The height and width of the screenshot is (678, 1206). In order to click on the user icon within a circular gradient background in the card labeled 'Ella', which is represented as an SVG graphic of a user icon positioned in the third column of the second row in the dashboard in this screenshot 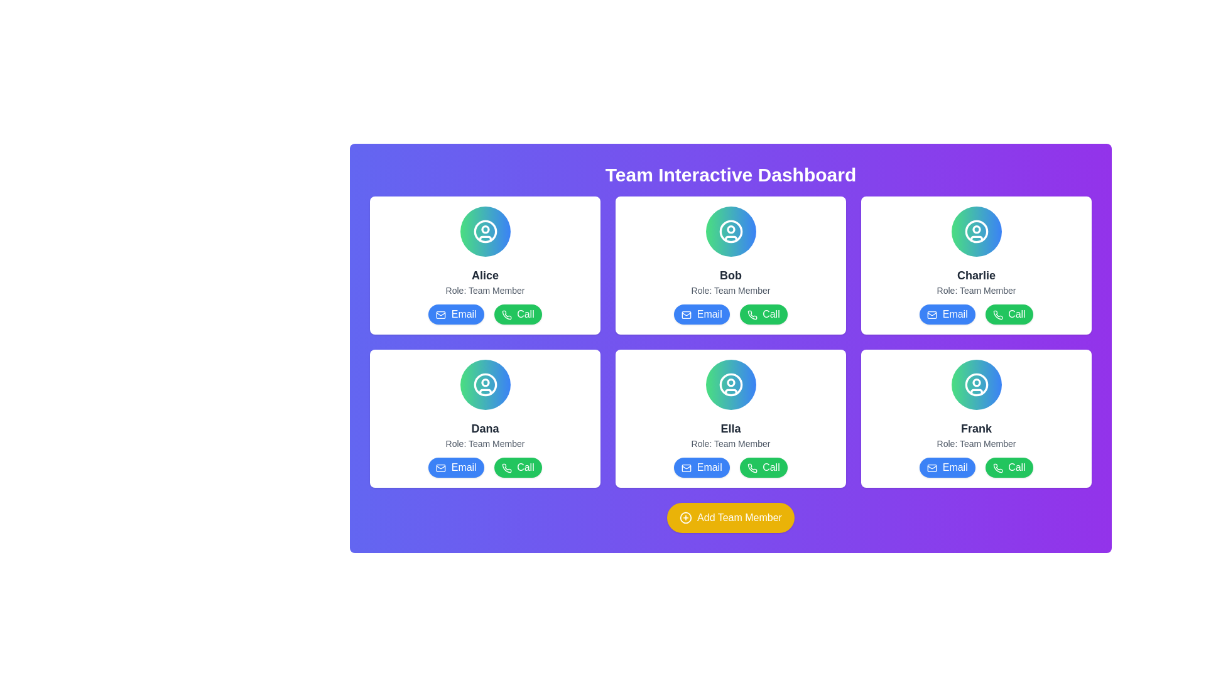, I will do `click(731, 384)`.